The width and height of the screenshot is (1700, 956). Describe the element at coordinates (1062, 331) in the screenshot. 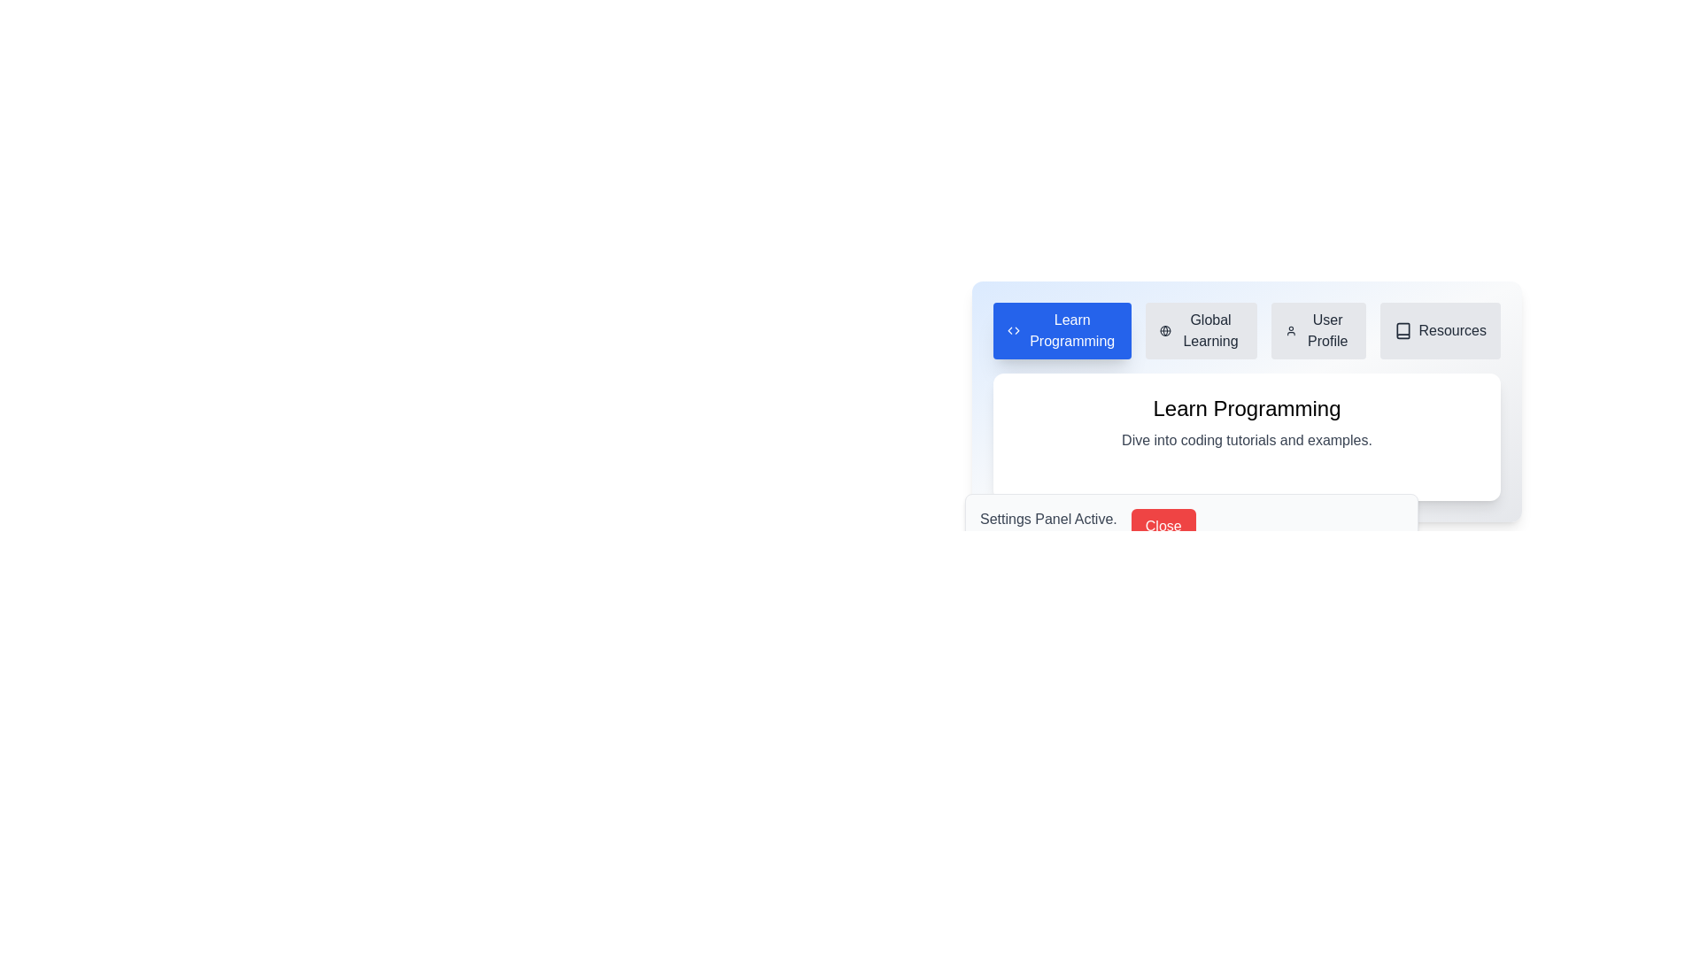

I see `the tab labeled Learn Programming` at that location.